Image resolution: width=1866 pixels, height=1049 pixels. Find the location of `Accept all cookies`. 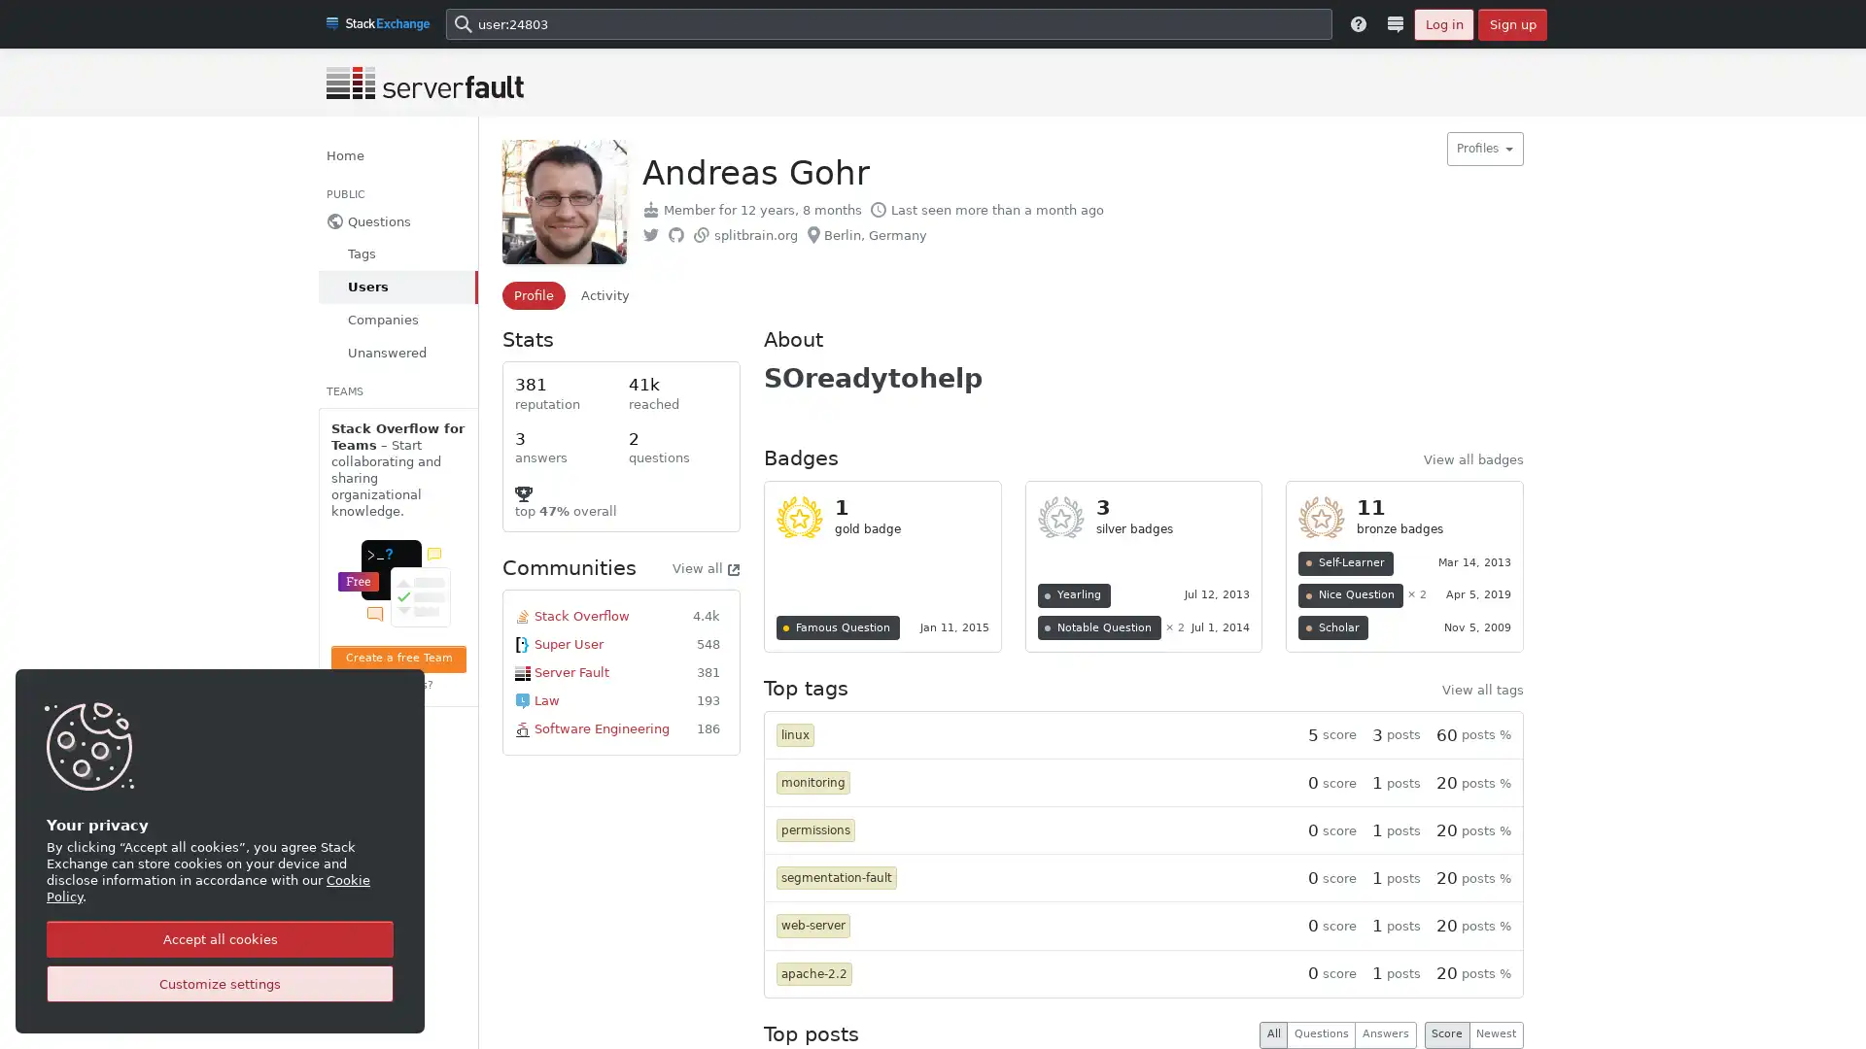

Accept all cookies is located at coordinates (220, 938).